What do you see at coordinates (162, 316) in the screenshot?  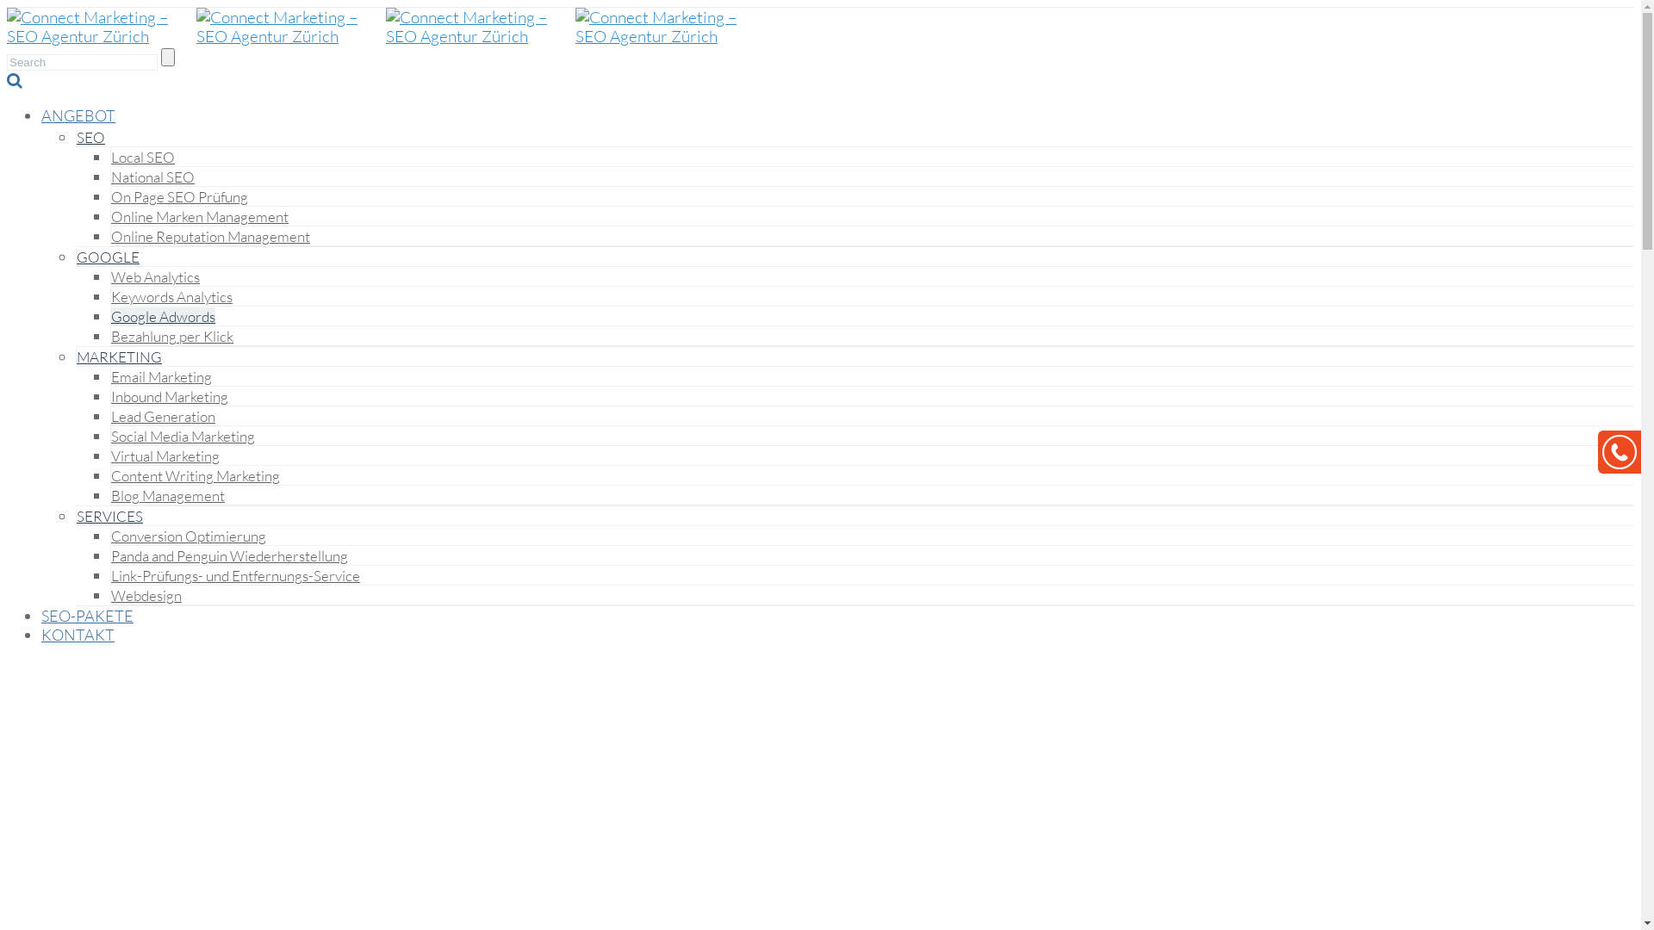 I see `'Google Adwords'` at bounding box center [162, 316].